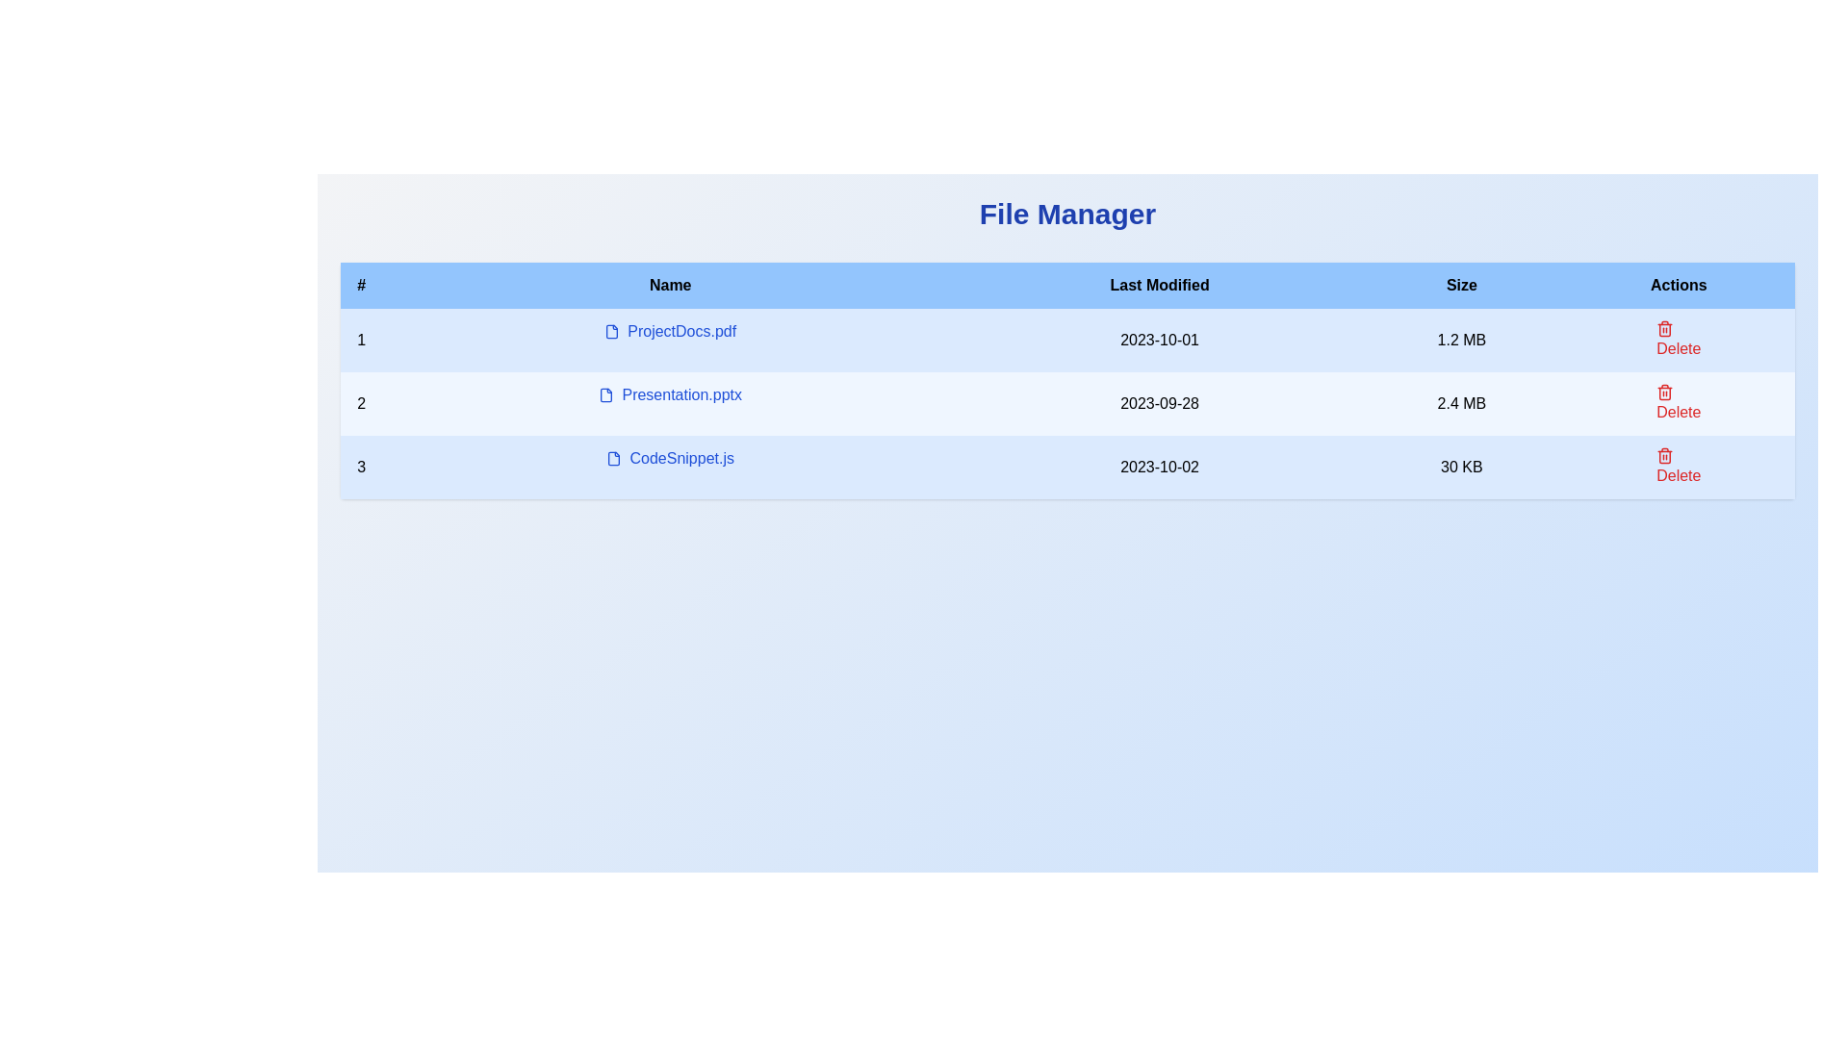 The width and height of the screenshot is (1848, 1039). What do you see at coordinates (1159, 340) in the screenshot?
I see `the text element displaying the date '2023-10-01' which is located in the third position in a table row of file details` at bounding box center [1159, 340].